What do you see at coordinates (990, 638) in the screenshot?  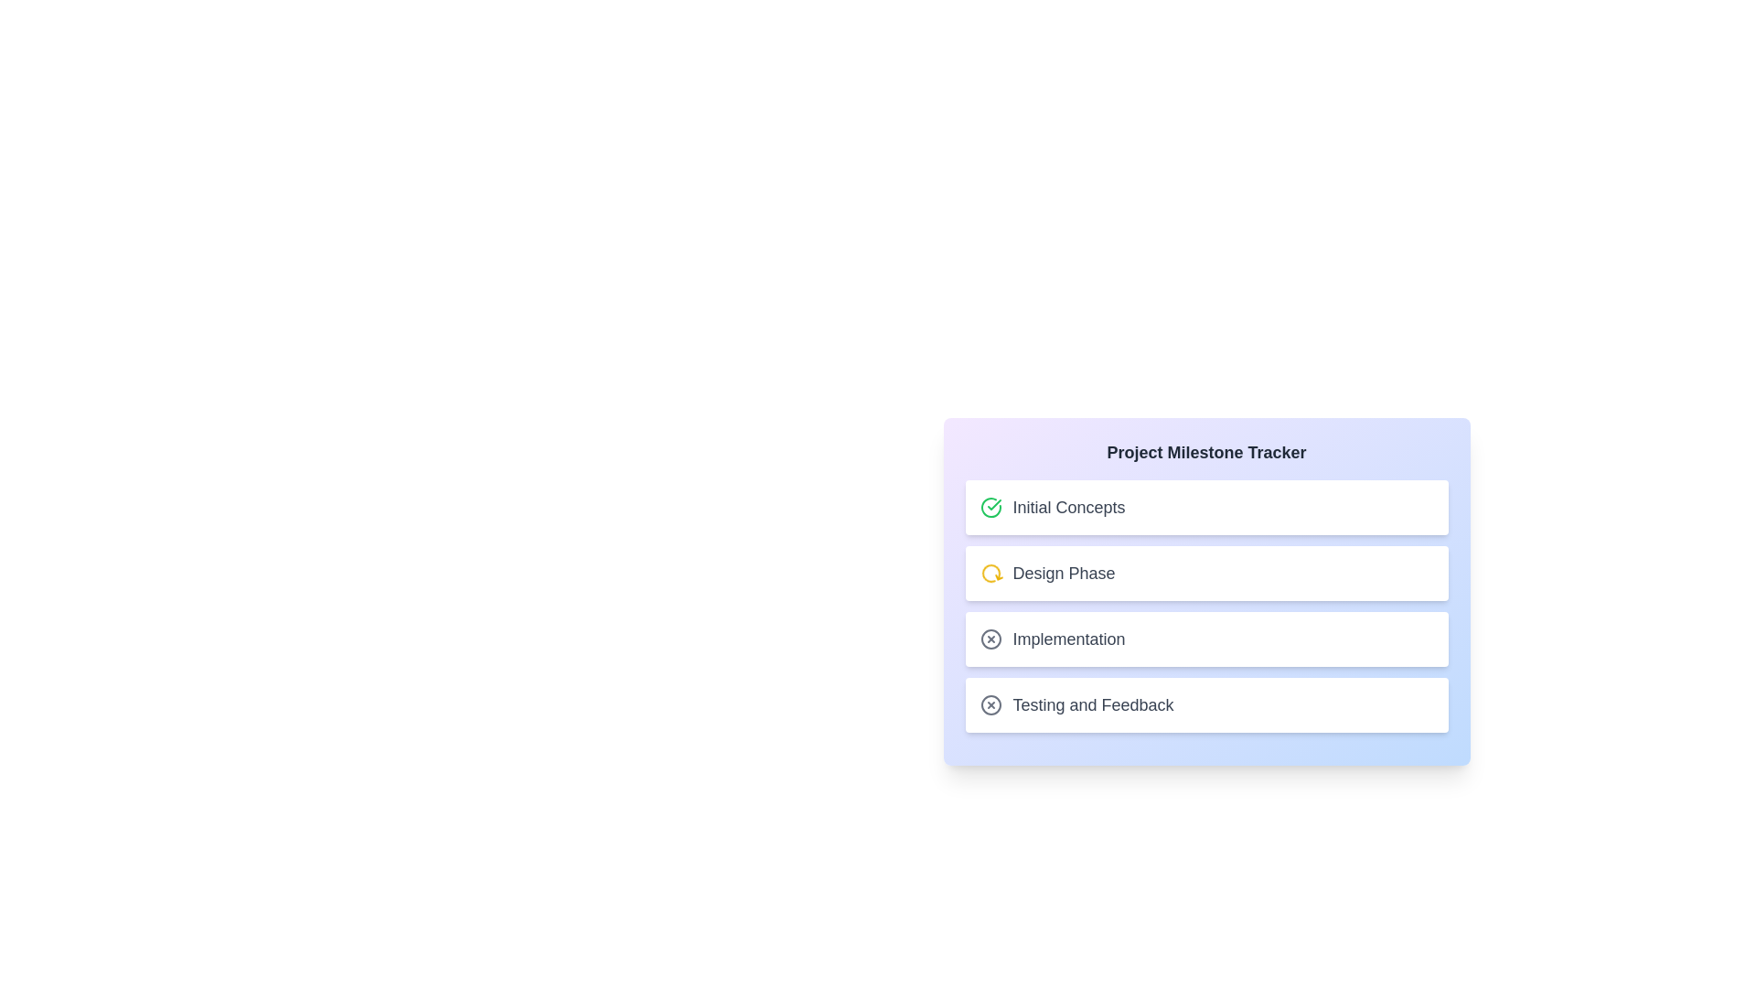 I see `the circular icon with a cross inside, which has a gray outline, to interact with the milestone status adjacent to the 'Implementation' milestone label` at bounding box center [990, 638].